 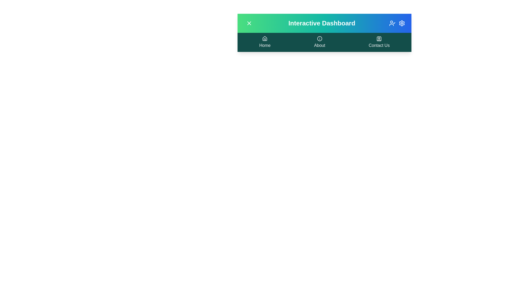 I want to click on the 'Home' menu item to navigate to the Home section, so click(x=265, y=42).